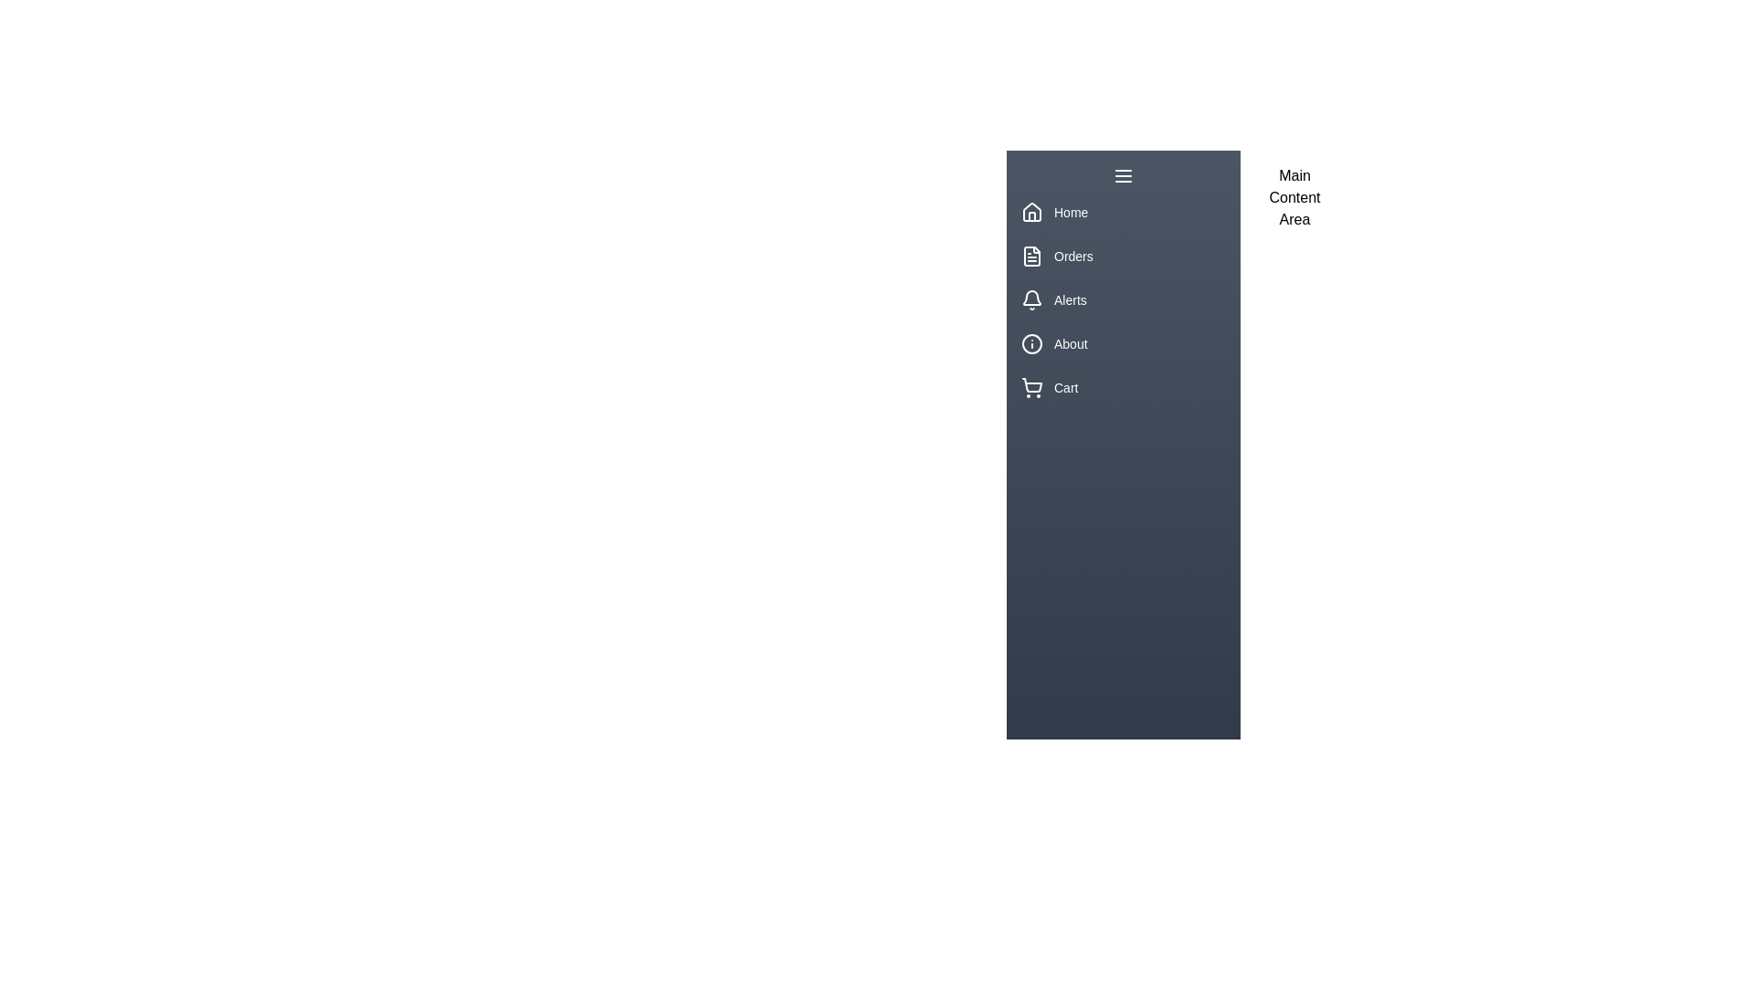 The image size is (1754, 986). What do you see at coordinates (1294, 643) in the screenshot?
I see `the main content area of the drawer` at bounding box center [1294, 643].